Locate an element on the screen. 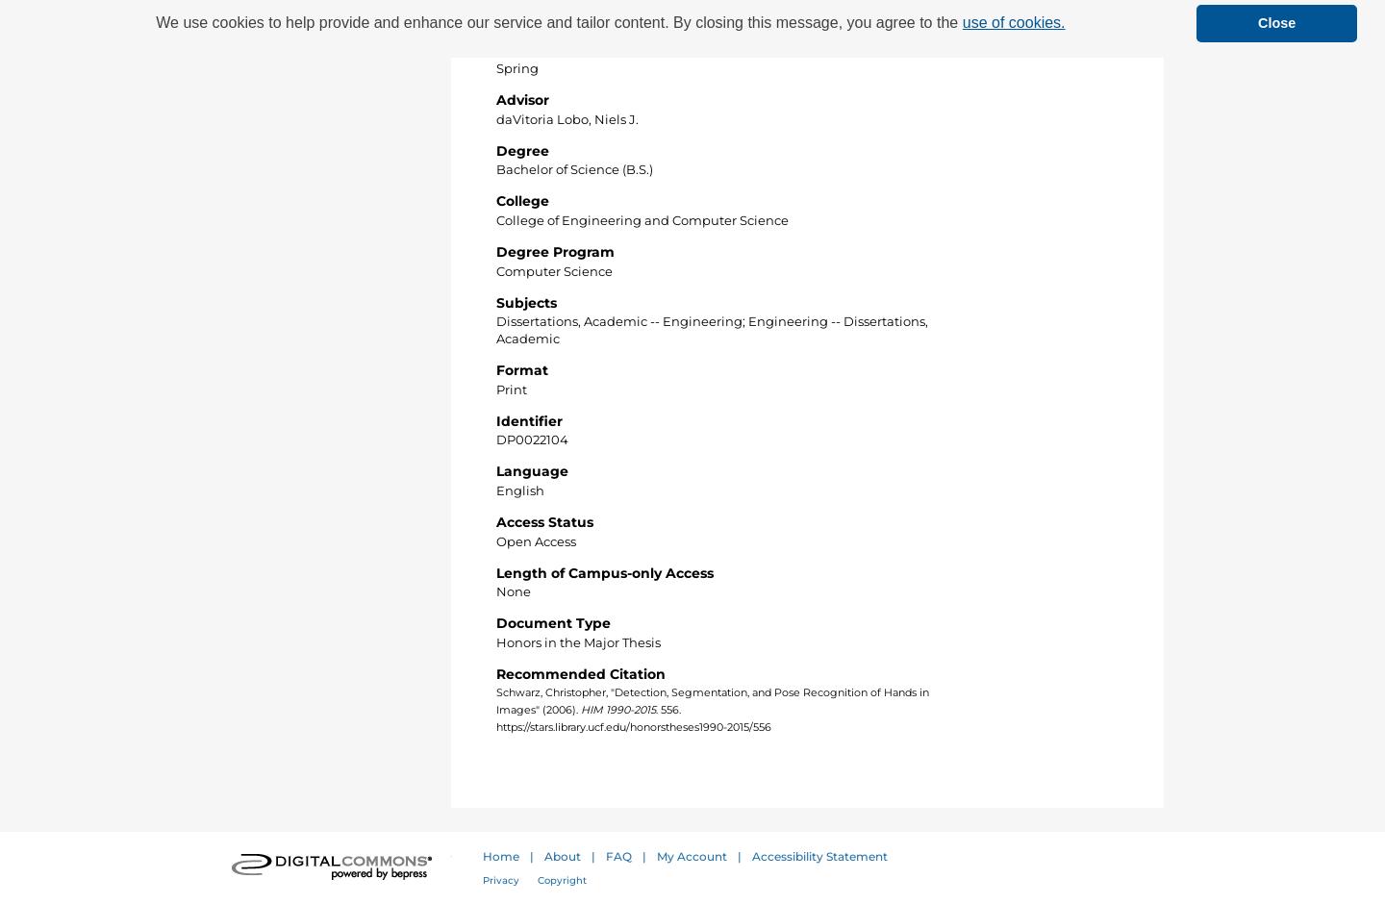 This screenshot has height=904, width=1385. 'College' is located at coordinates (522, 199).